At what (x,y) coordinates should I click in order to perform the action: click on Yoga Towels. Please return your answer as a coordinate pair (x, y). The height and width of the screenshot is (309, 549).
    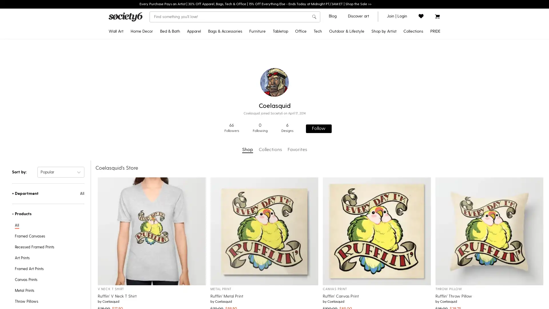
    Looking at the image, I should click on (354, 64).